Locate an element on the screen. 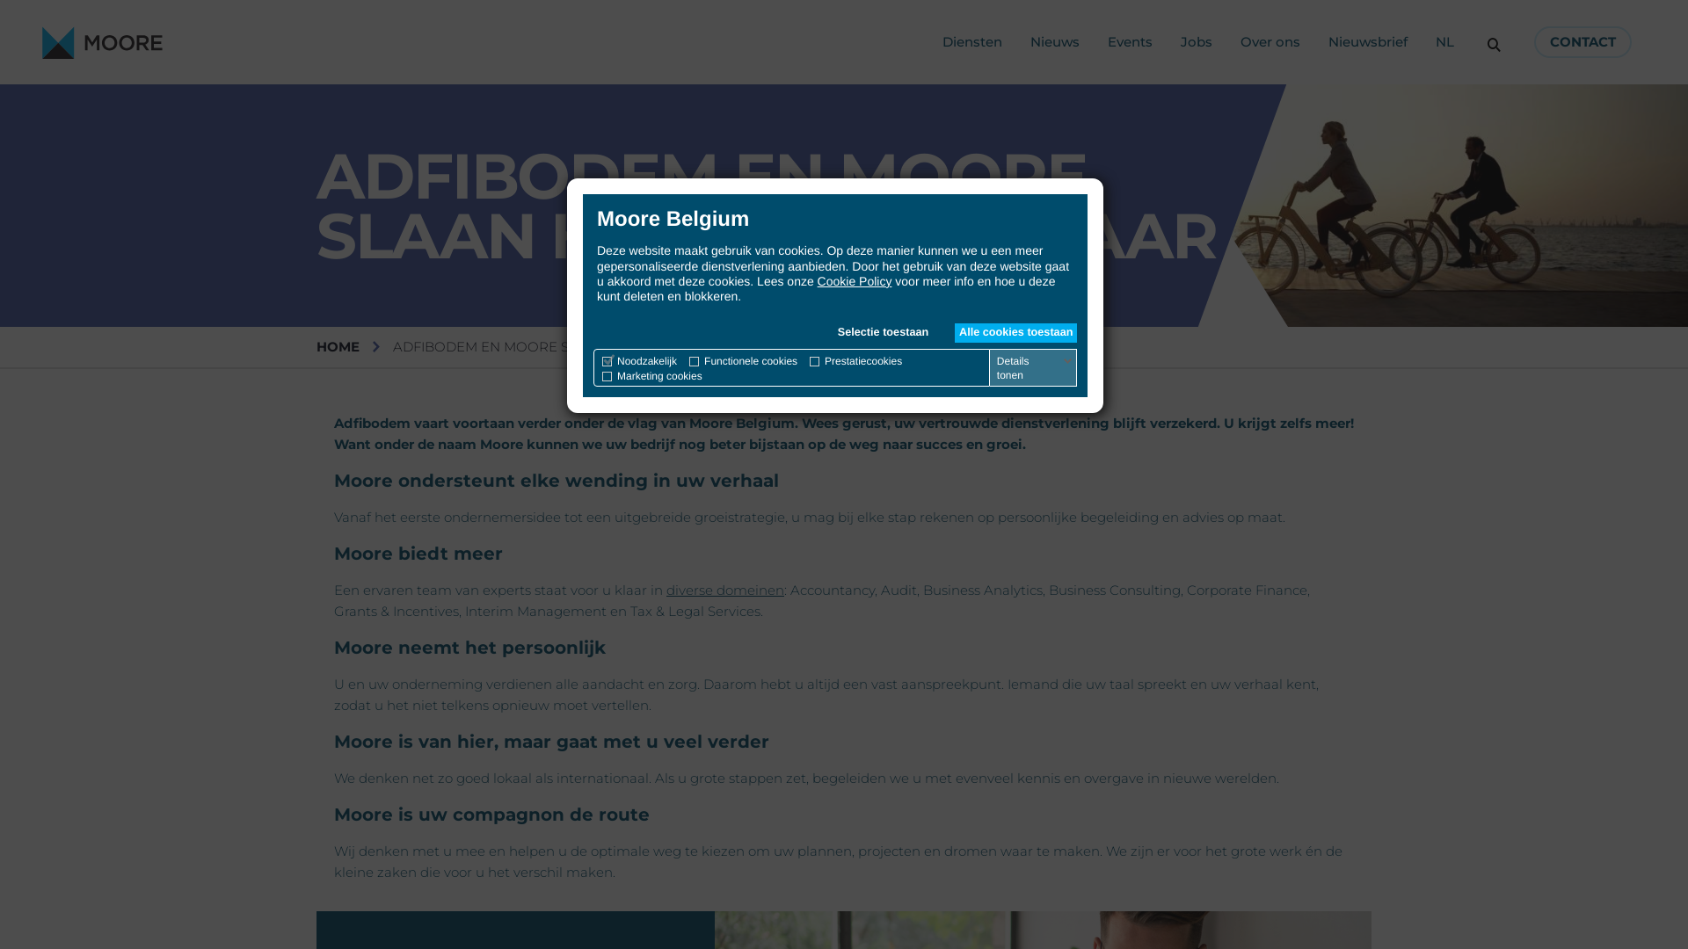 Image resolution: width=1688 pixels, height=949 pixels. 'Diensten' is located at coordinates (971, 40).